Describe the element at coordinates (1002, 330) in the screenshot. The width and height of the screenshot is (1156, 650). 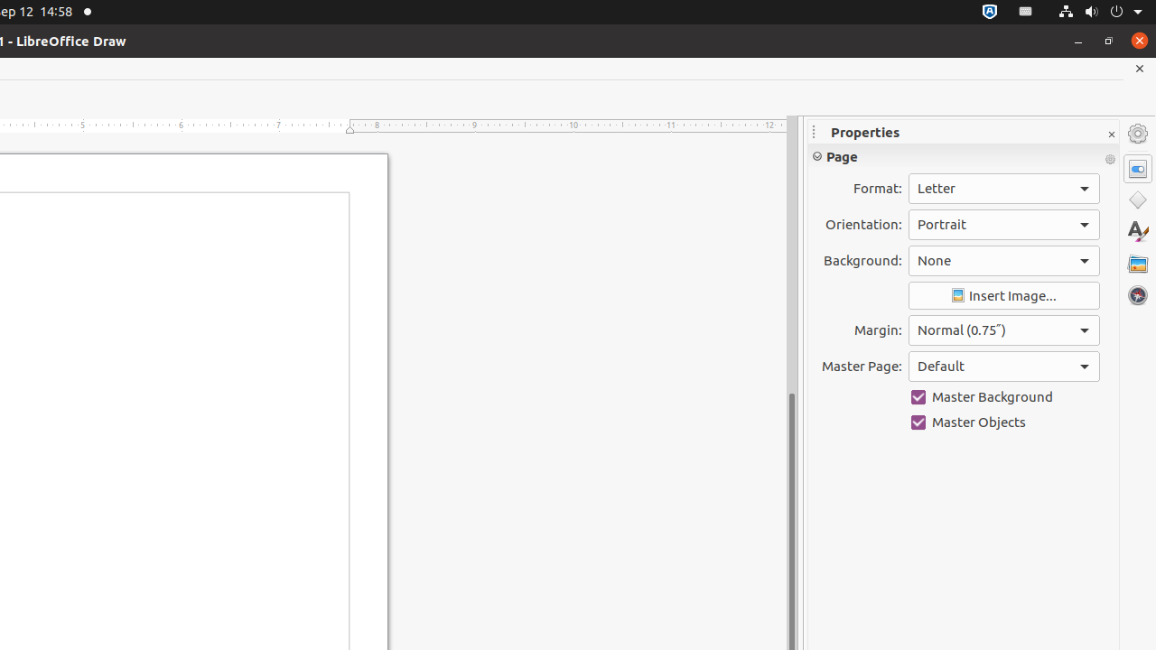
I see `'Margin:'` at that location.